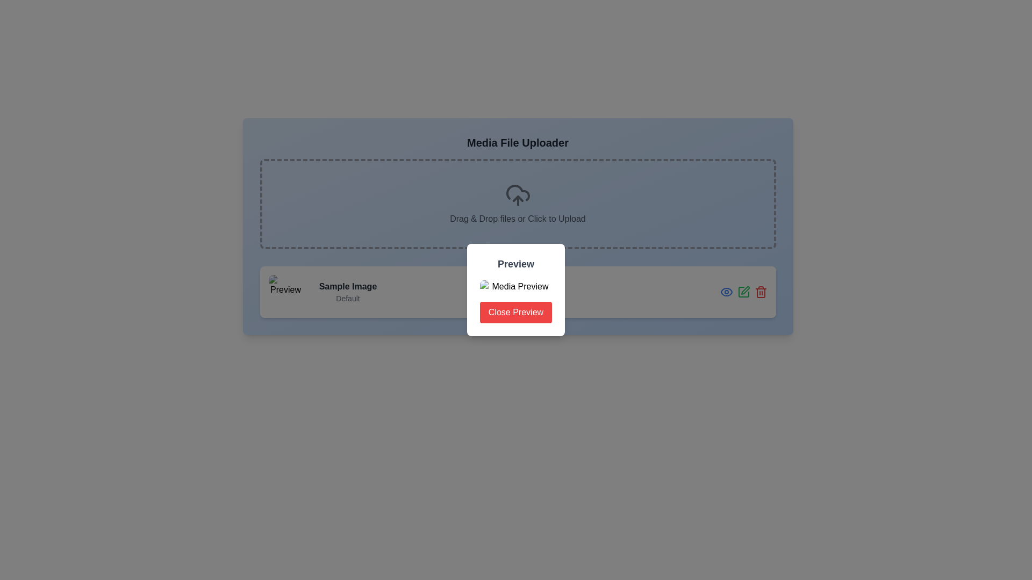  Describe the element at coordinates (516, 290) in the screenshot. I see `the media preview displayed in the modal dialog box, which contains a 'Preview' heading and a 'Close Preview' button` at that location.